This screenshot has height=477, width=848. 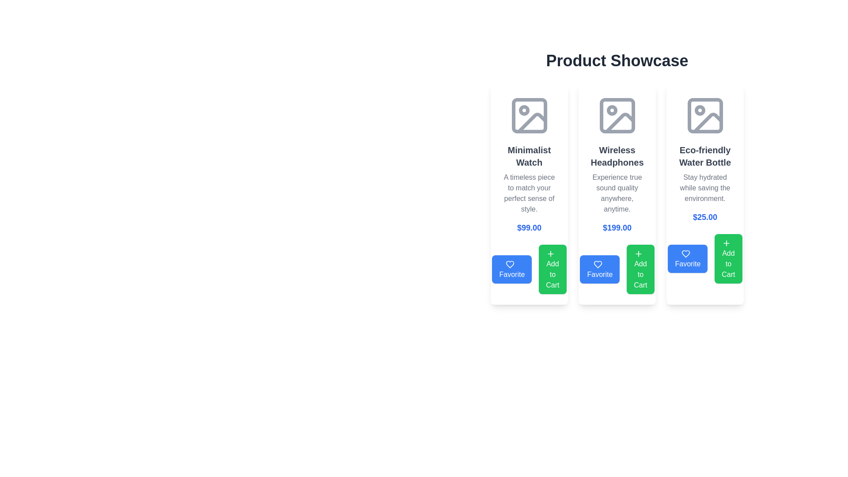 I want to click on the '+' icon in the green 'Add to Cart' button of the second product card for 'Wireless Headphones', so click(x=639, y=254).